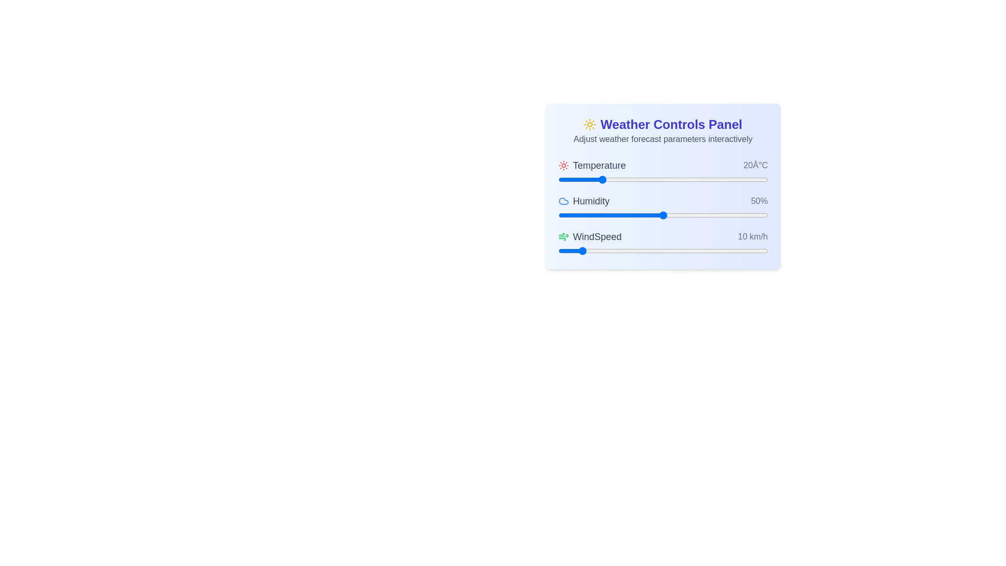 Image resolution: width=1006 pixels, height=566 pixels. Describe the element at coordinates (658, 251) in the screenshot. I see `the wind speed slider to set the wind speed to 48 km/h` at that location.